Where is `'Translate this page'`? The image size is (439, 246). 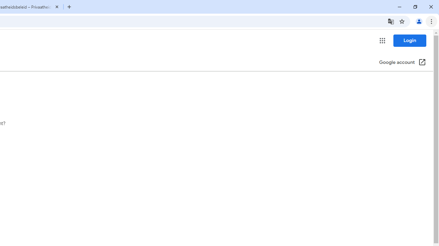 'Translate this page' is located at coordinates (391, 21).